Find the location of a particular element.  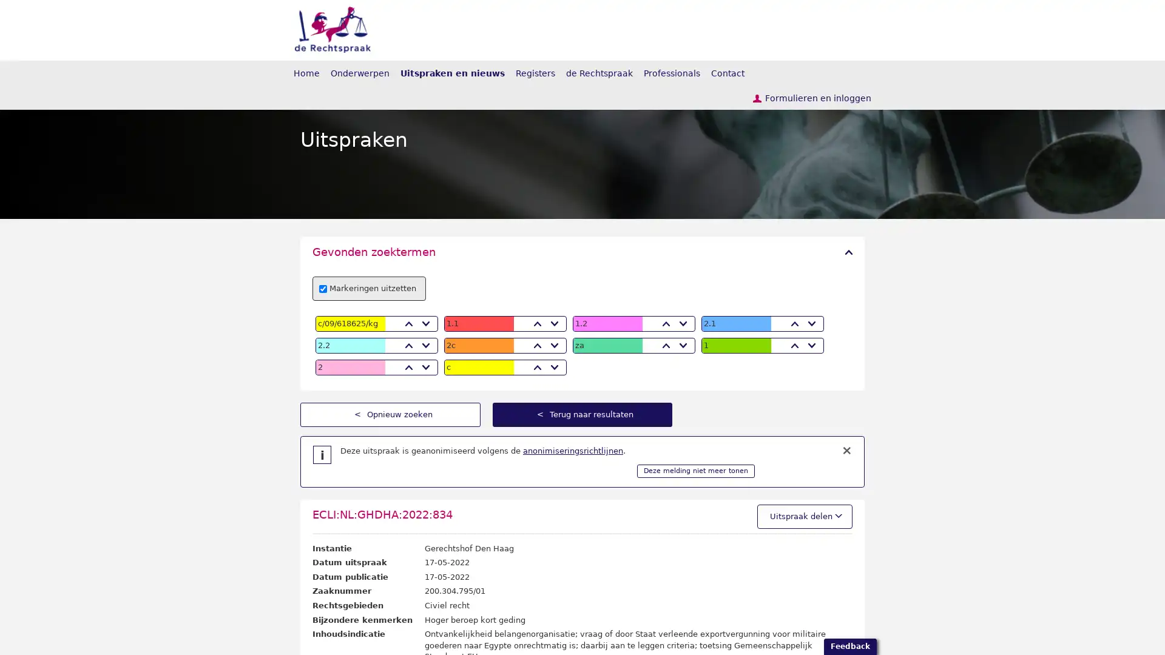

Vorige zoek term is located at coordinates (408, 366).